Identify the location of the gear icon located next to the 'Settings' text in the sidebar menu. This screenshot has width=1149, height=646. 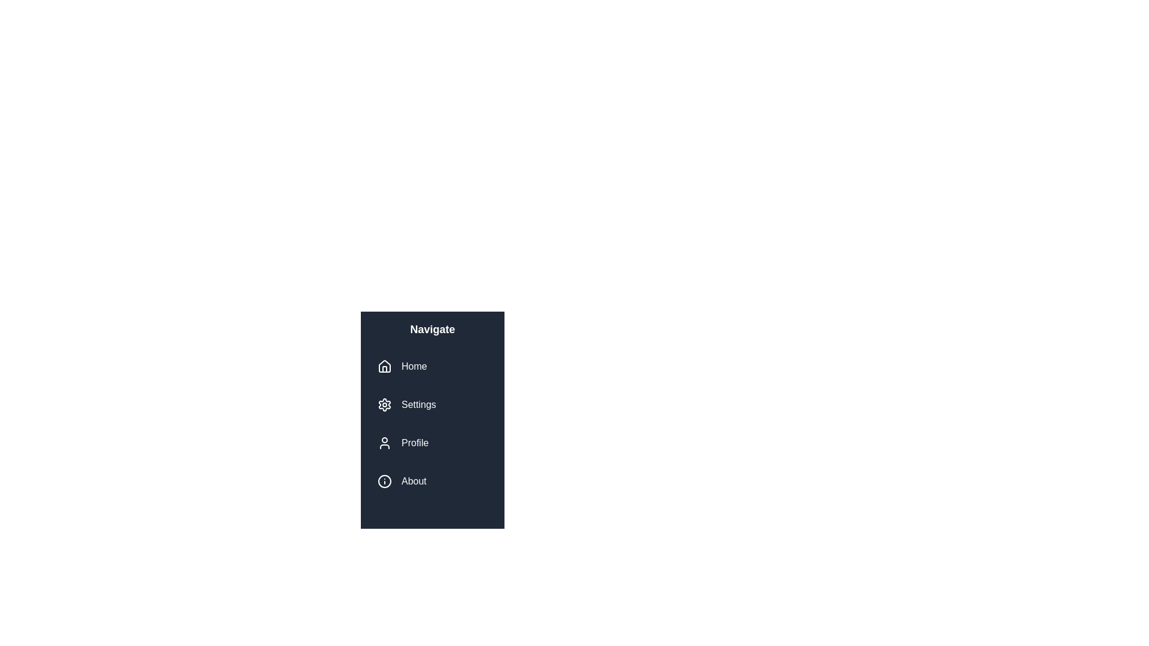
(385, 404).